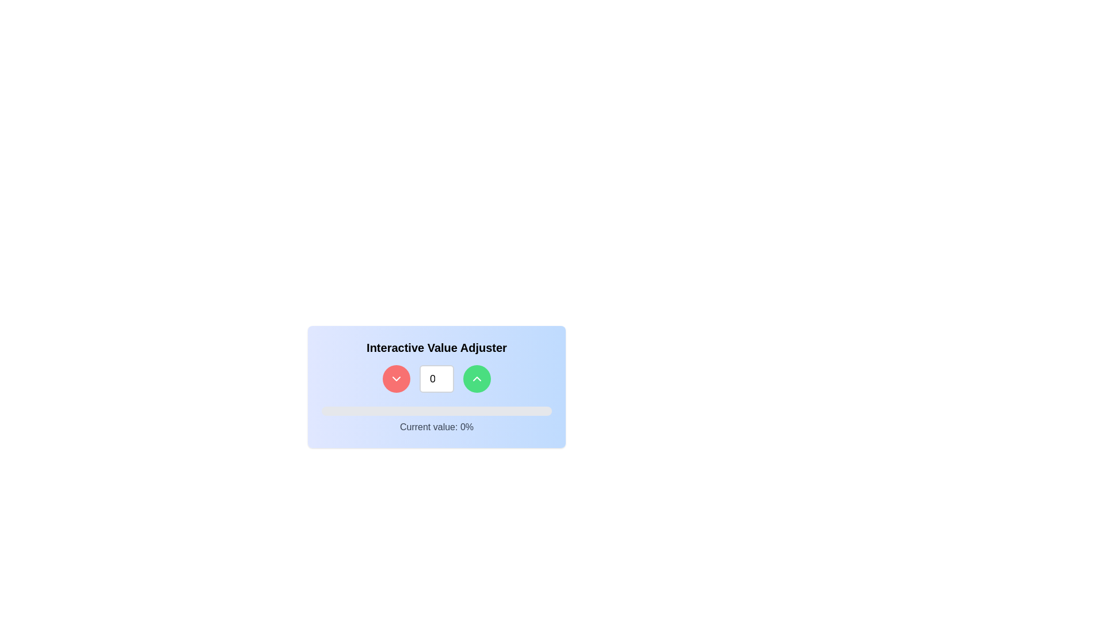 The width and height of the screenshot is (1105, 622). Describe the element at coordinates (477, 379) in the screenshot. I see `the triangular-shaped button with a green circular background` at that location.